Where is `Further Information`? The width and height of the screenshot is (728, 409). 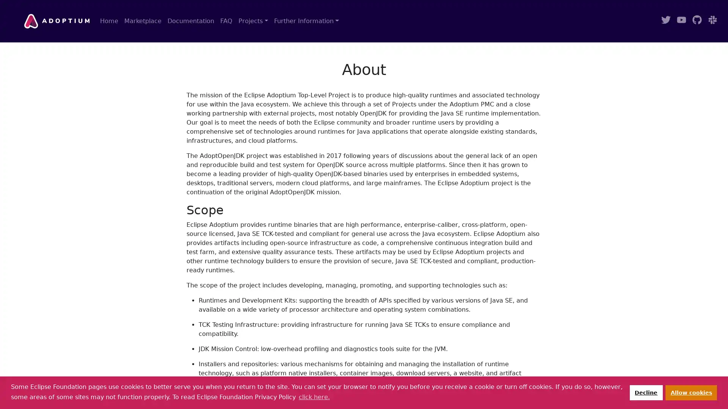
Further Information is located at coordinates (306, 21).